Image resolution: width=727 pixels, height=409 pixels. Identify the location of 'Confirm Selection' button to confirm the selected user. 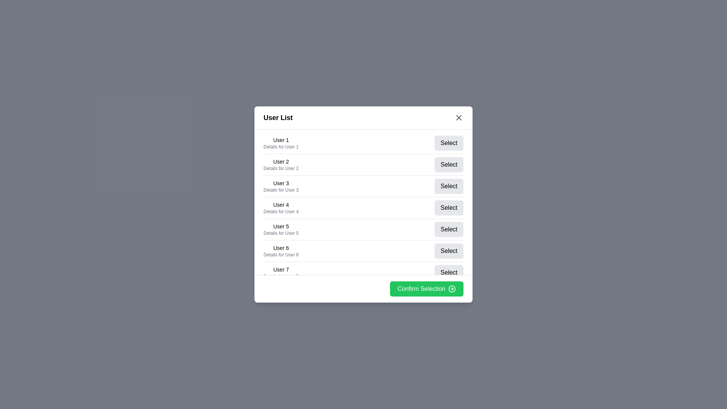
(426, 289).